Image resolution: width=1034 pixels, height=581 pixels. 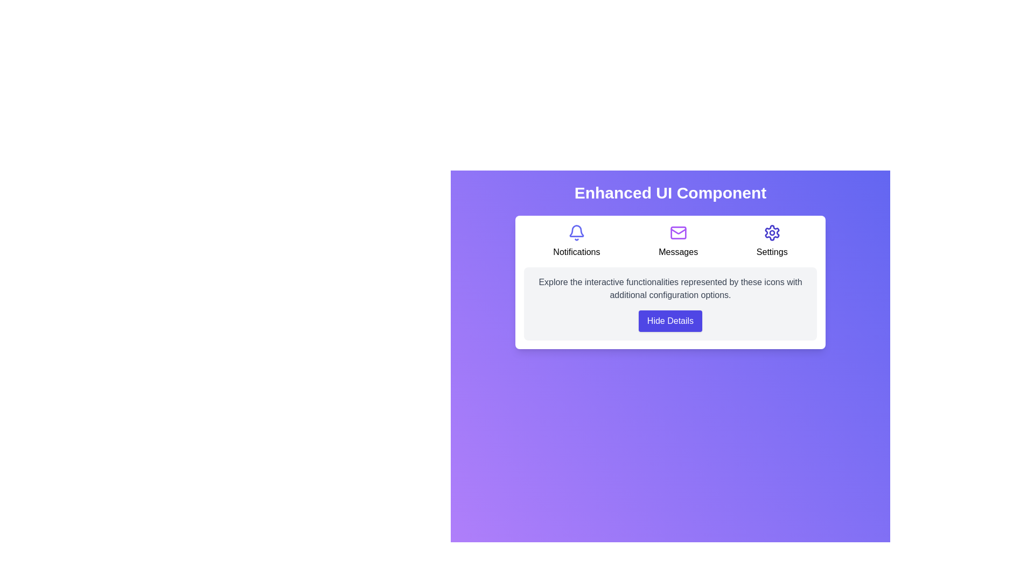 What do you see at coordinates (771, 232) in the screenshot?
I see `the gear-shaped settings icon in the UI component` at bounding box center [771, 232].